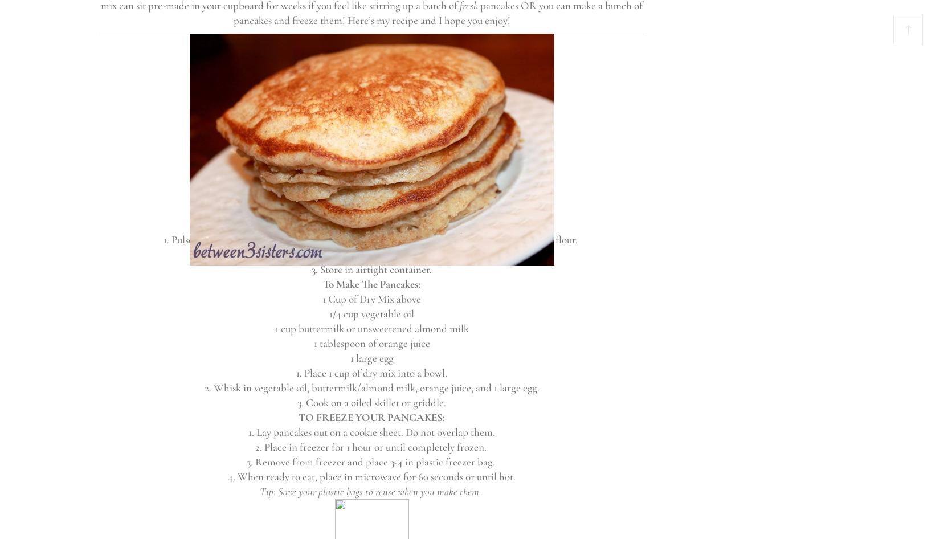 The width and height of the screenshot is (940, 539). Describe the element at coordinates (371, 268) in the screenshot. I see `'3. Store in airtight container.'` at that location.